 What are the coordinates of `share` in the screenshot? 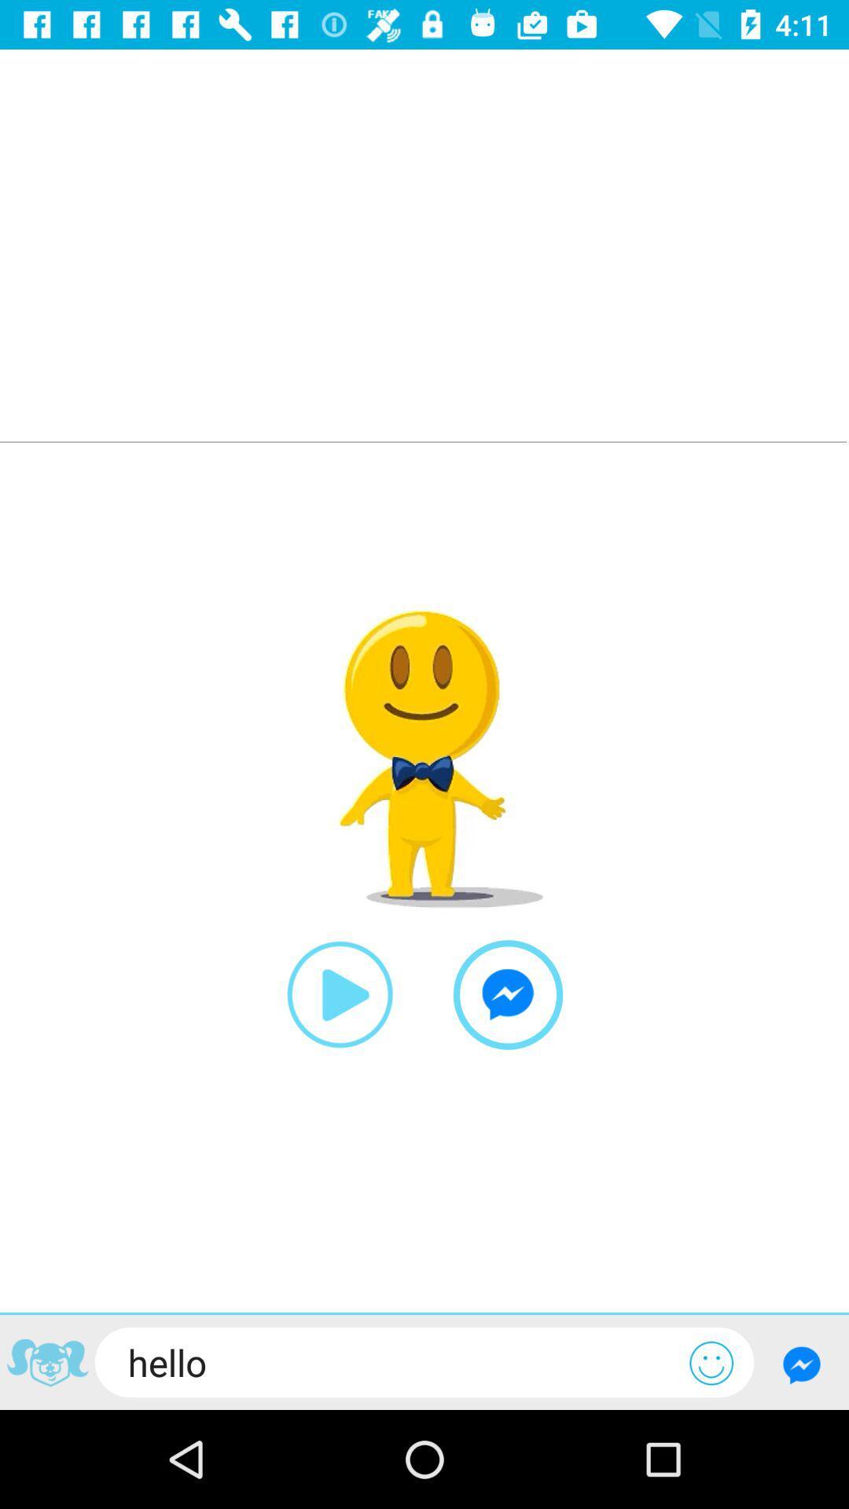 It's located at (46, 1364).